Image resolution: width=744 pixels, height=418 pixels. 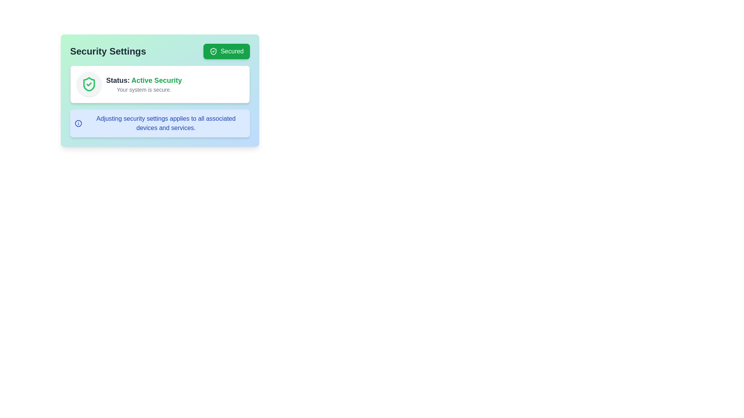 I want to click on the shield-shaped icon with a green checkmark inside, located in the 'Security Settings' panel, indicating a secured status, so click(x=89, y=84).